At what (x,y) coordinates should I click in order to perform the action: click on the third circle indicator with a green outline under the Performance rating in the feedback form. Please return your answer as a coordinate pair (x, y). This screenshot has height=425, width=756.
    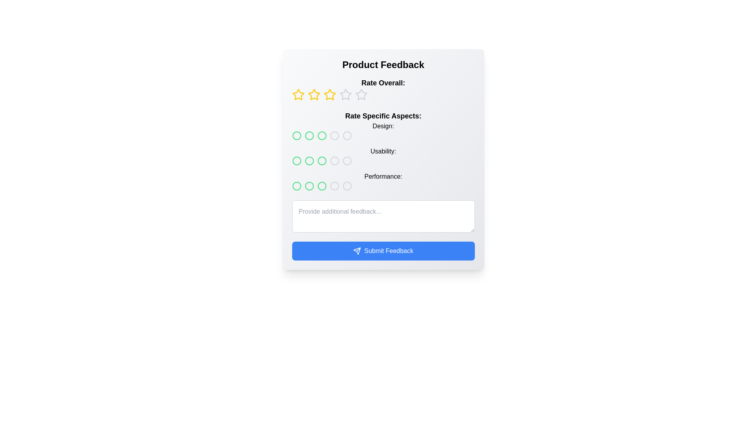
    Looking at the image, I should click on (309, 186).